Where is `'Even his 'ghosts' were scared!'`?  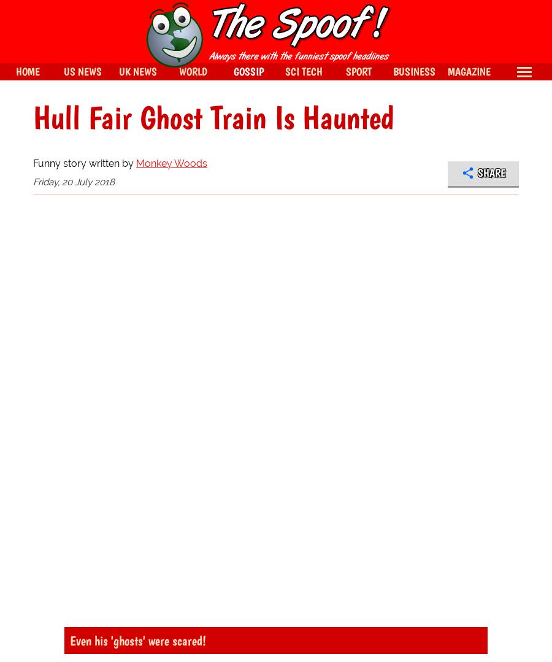
'Even his 'ghosts' were scared!' is located at coordinates (138, 640).